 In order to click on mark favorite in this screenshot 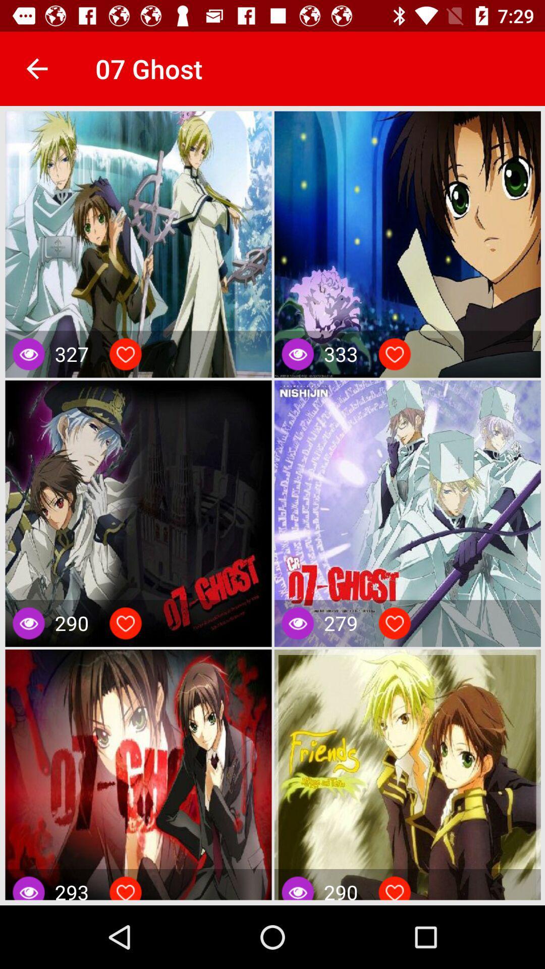, I will do `click(125, 623)`.